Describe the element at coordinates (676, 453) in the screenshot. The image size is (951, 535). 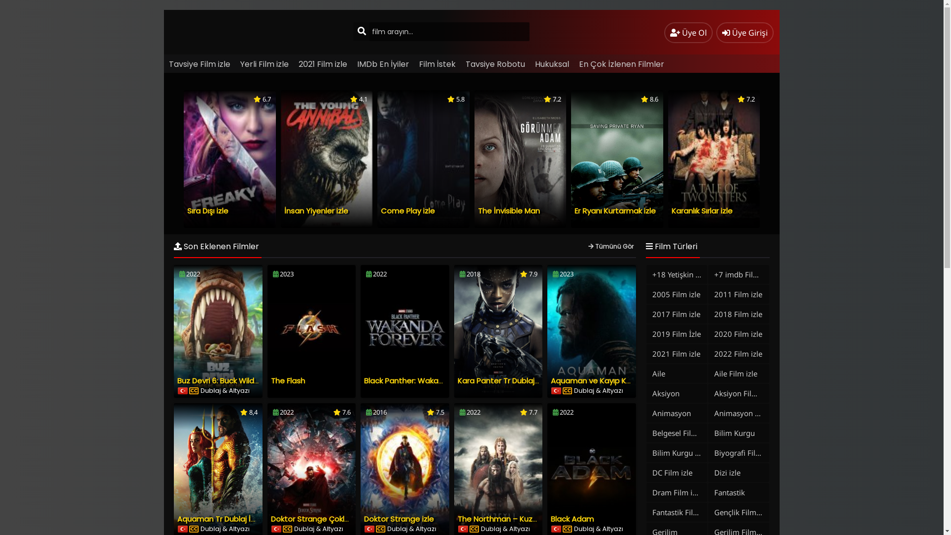
I see `'Bilim Kurgu Film izle'` at that location.